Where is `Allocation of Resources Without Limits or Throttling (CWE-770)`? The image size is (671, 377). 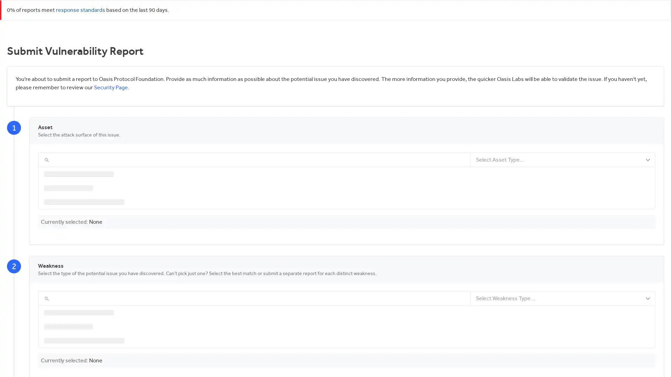
Allocation of Resources Without Limits or Throttling (CWE-770) is located at coordinates (347, 347).